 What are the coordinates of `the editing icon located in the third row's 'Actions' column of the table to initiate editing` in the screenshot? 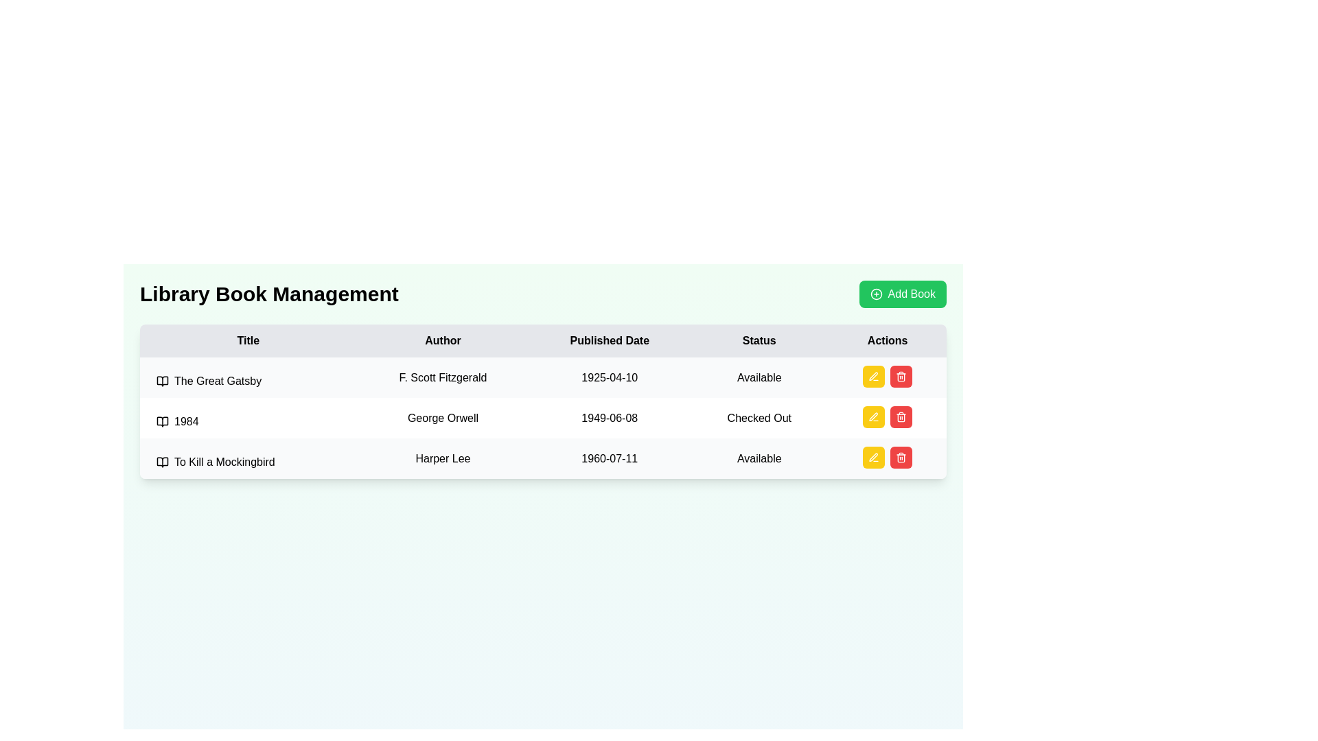 It's located at (873, 458).